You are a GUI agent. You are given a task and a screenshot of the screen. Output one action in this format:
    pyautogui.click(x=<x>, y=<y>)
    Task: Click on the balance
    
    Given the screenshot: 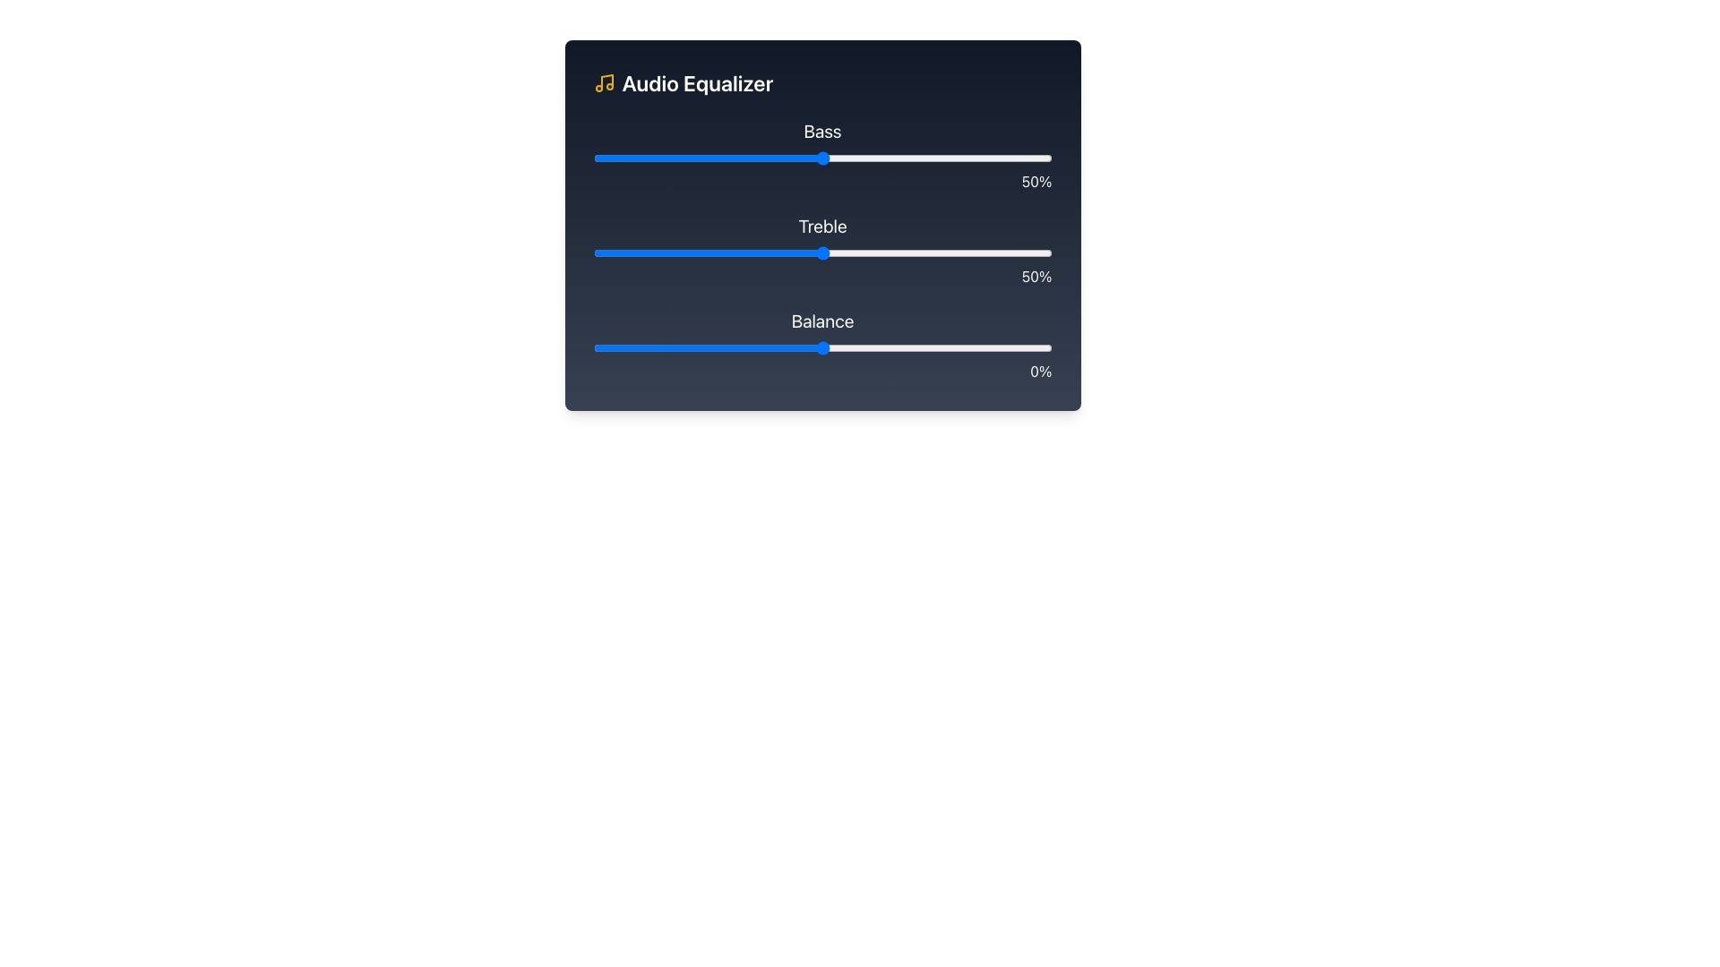 What is the action you would take?
    pyautogui.click(x=817, y=348)
    